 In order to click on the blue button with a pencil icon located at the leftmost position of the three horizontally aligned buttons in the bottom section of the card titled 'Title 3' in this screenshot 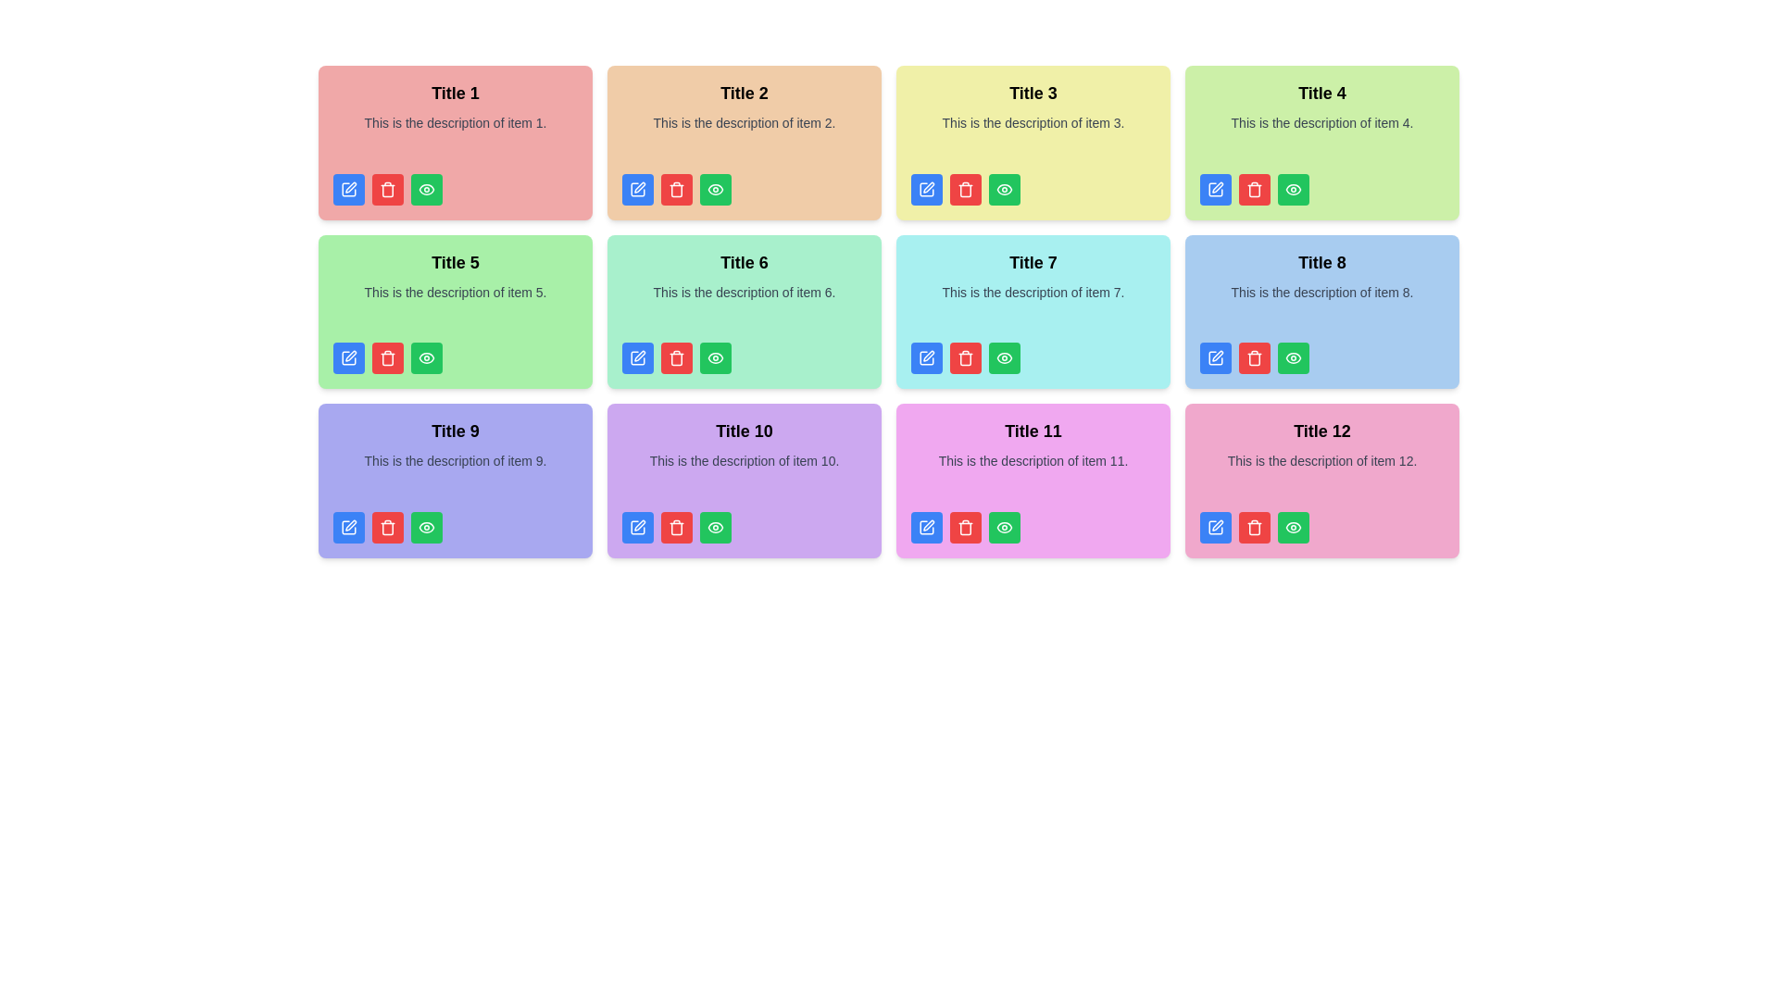, I will do `click(927, 189)`.